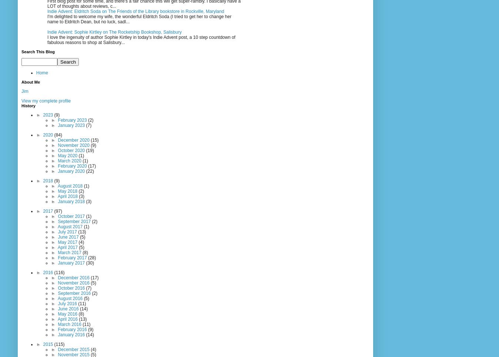  Describe the element at coordinates (70, 299) in the screenshot. I see `'August 2016'` at that location.